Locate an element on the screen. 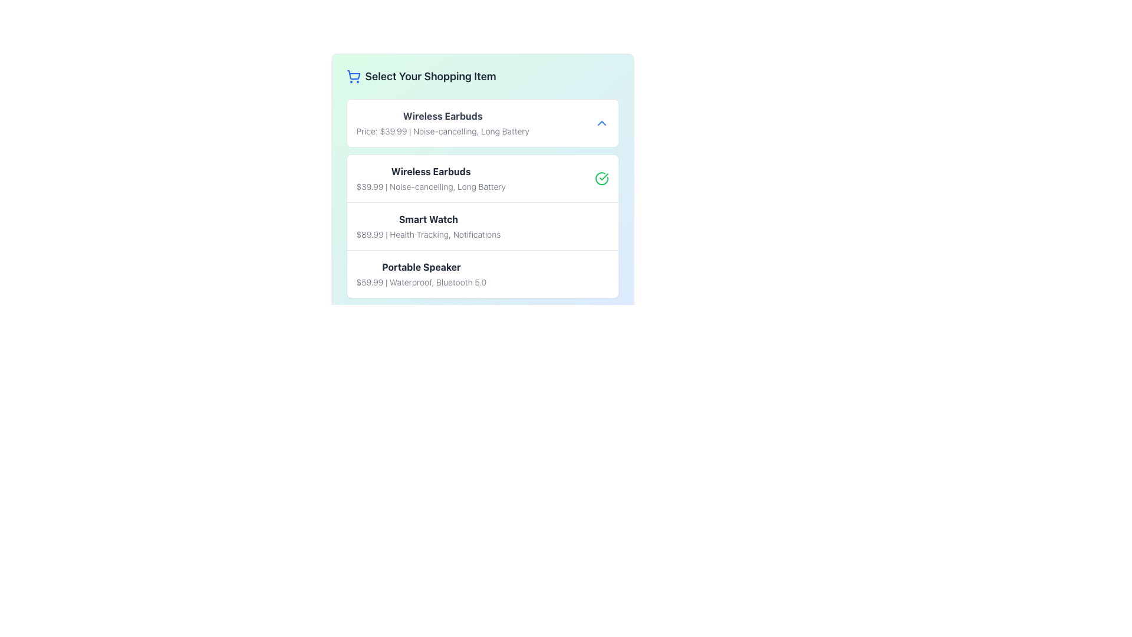 This screenshot has height=637, width=1132. the informational text label providing details and pricing for the 'Wireless Earbuds' product, positioned directly below the main label is located at coordinates (430, 186).